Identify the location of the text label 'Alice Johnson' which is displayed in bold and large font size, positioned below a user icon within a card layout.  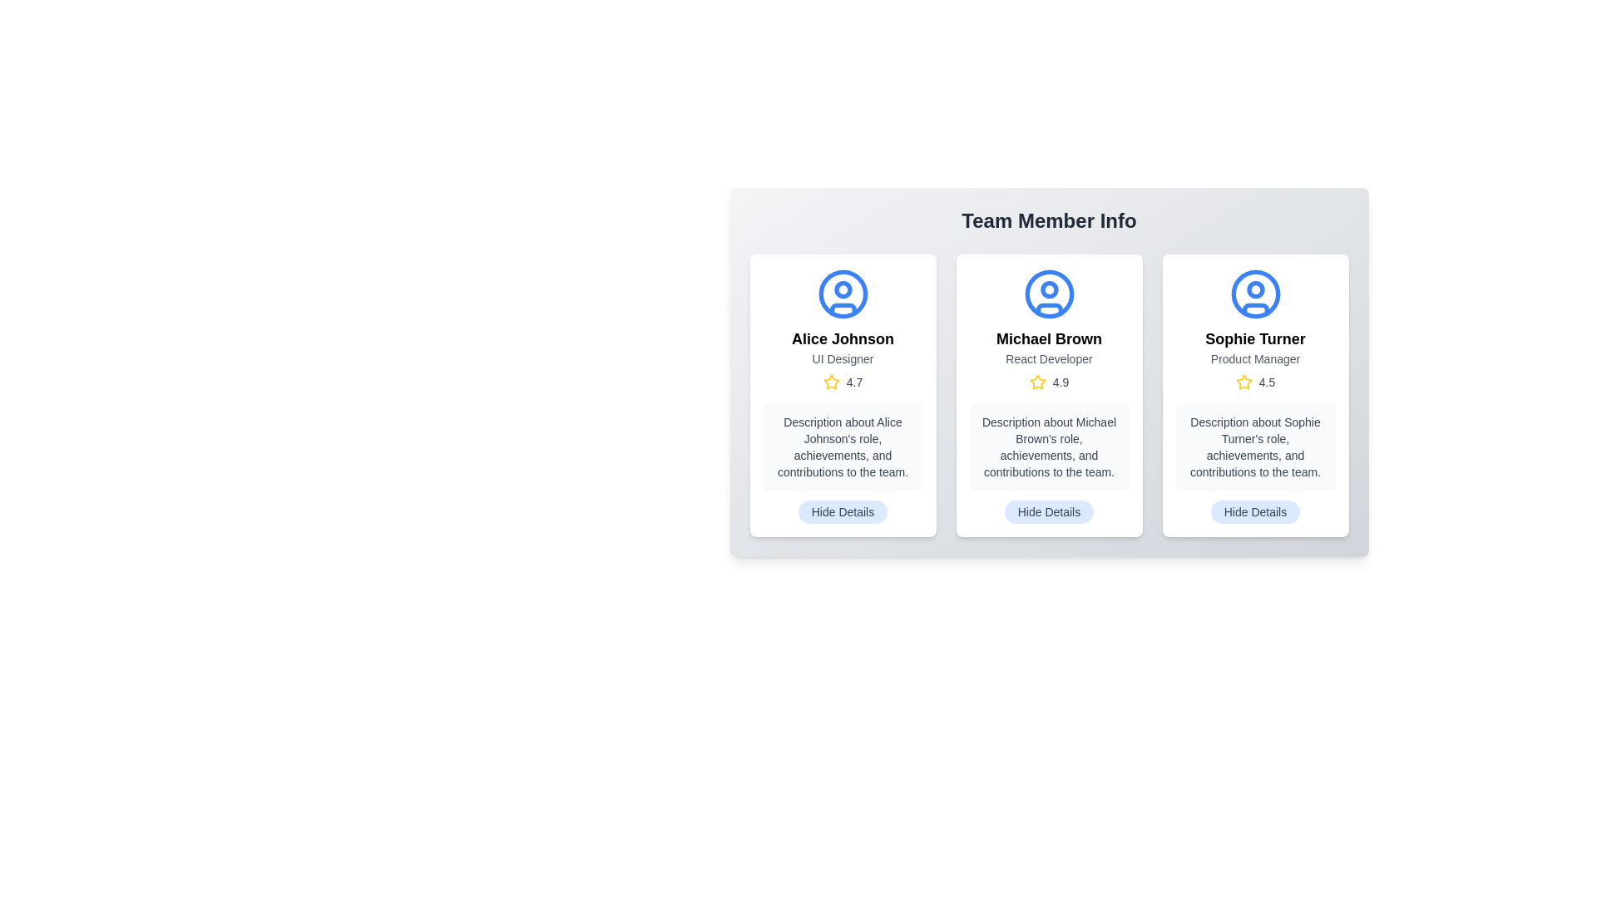
(843, 338).